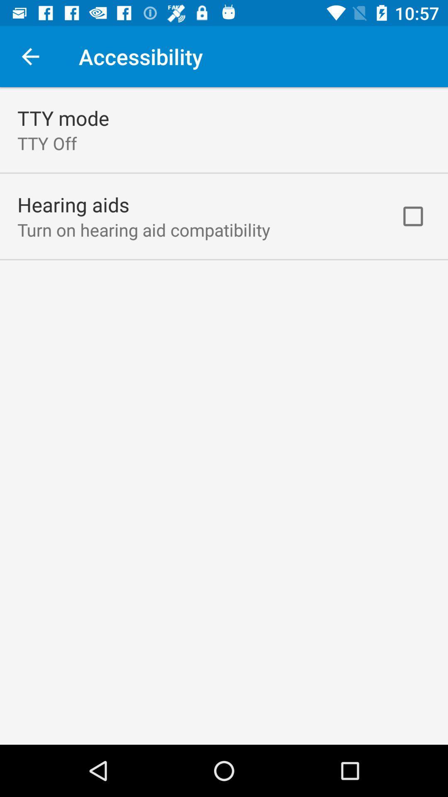 This screenshot has height=797, width=448. Describe the element at coordinates (73, 204) in the screenshot. I see `hearing aids app` at that location.